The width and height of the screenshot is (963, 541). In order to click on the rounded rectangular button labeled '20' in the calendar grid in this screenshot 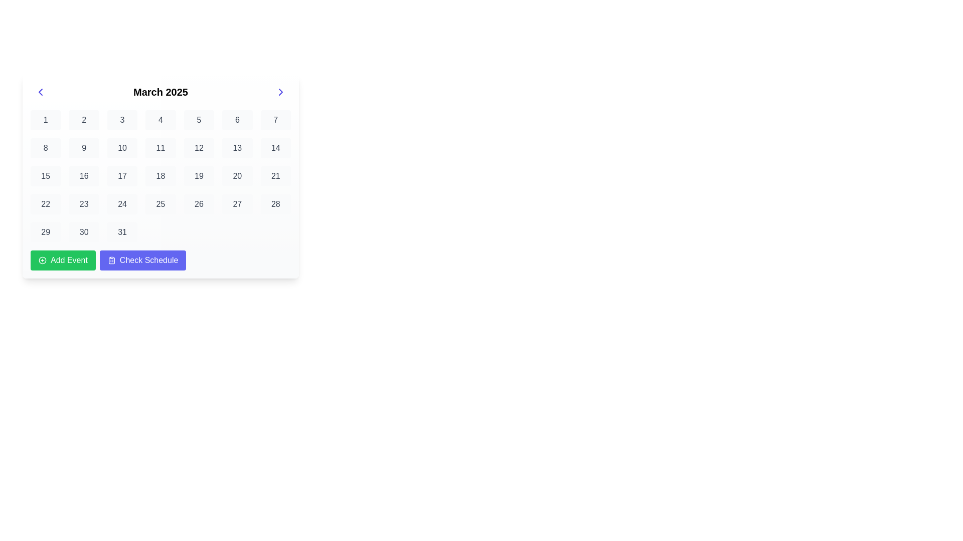, I will do `click(237, 175)`.